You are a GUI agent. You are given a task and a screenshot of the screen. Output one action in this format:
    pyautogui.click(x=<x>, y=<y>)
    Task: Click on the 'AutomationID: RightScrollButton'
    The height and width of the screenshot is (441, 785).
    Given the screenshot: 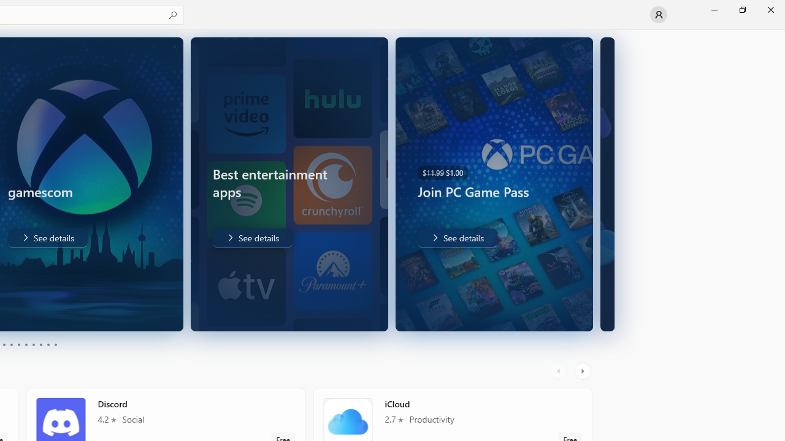 What is the action you would take?
    pyautogui.click(x=583, y=371)
    